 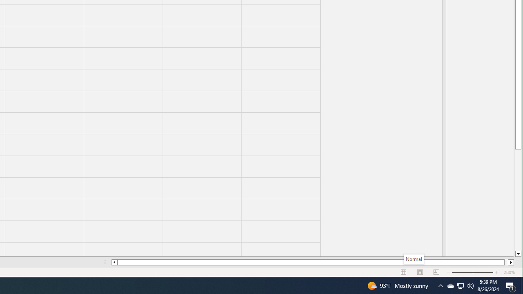 What do you see at coordinates (404, 272) in the screenshot?
I see `'Normal'` at bounding box center [404, 272].